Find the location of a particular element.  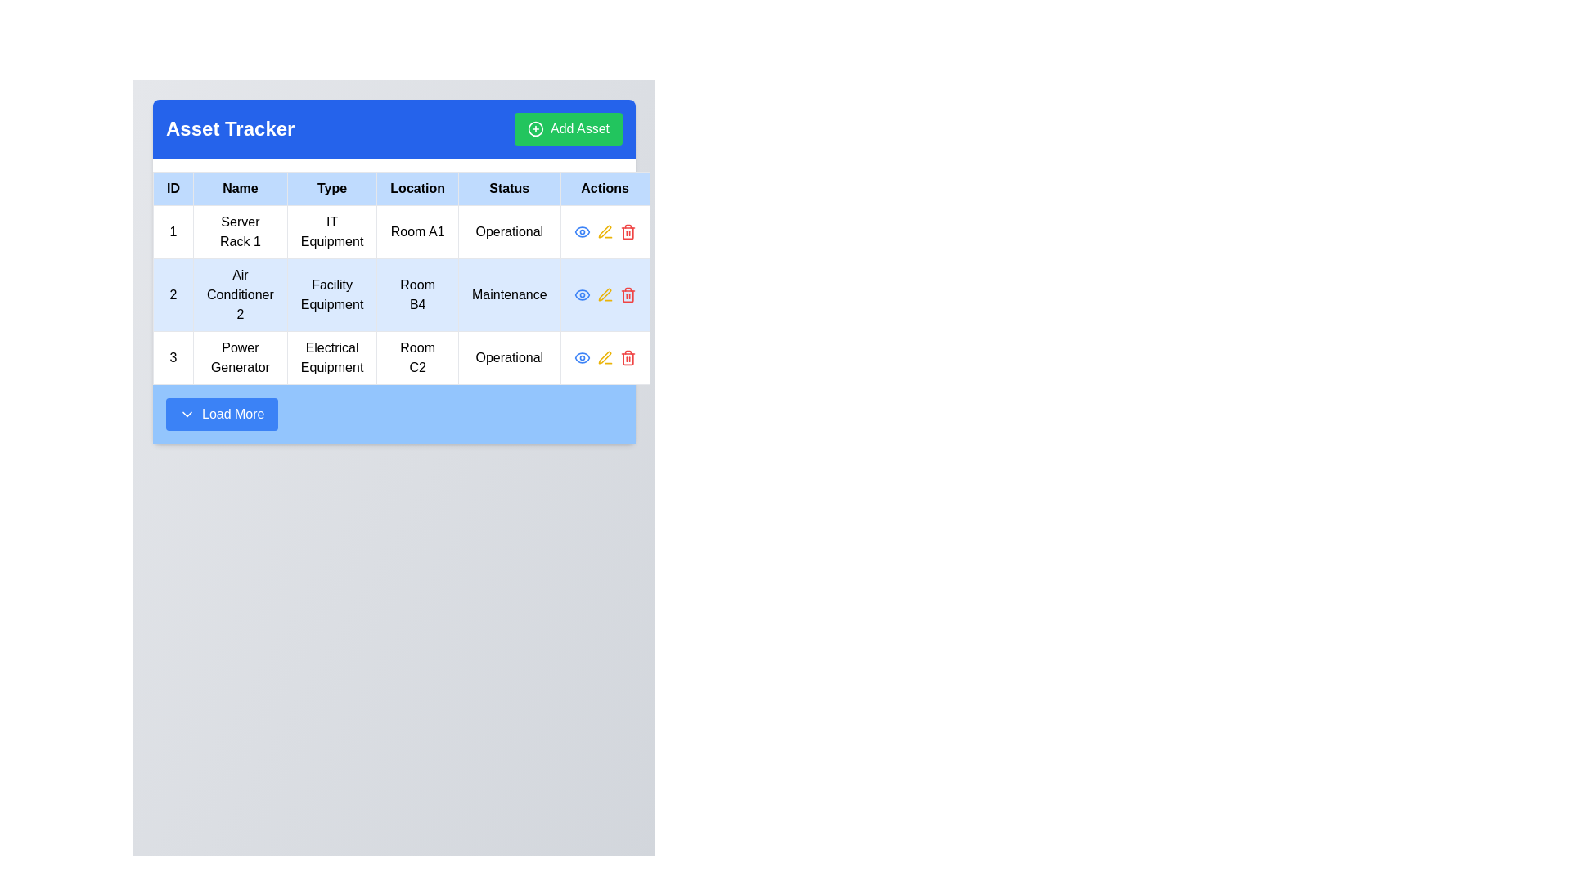

the edit icon located in the second row of the table's 'Actions' column, which is the second interactive icon between the blue 'view' icon and the red 'delete' icon is located at coordinates (604, 295).